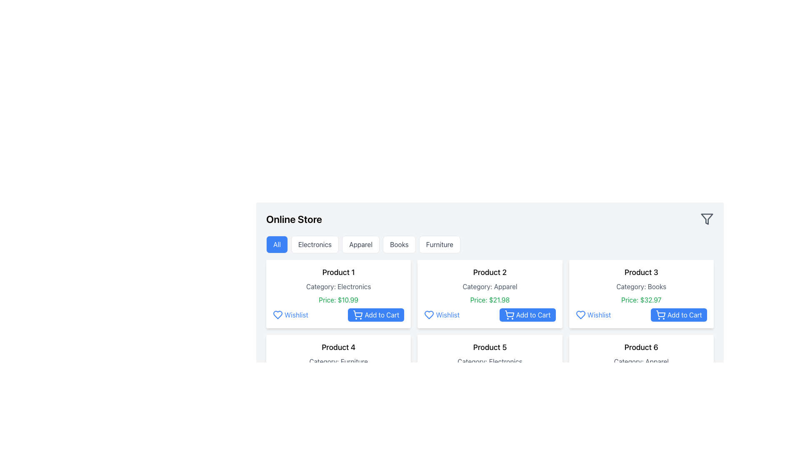  What do you see at coordinates (490, 300) in the screenshot?
I see `price details from the text label displaying 'Price: $21.98' in the second product card` at bounding box center [490, 300].